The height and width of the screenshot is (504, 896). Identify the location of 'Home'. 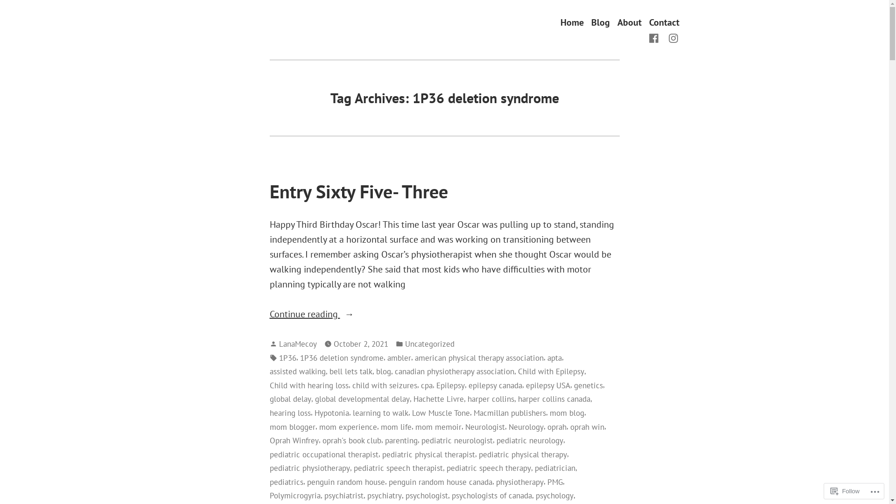
(560, 21).